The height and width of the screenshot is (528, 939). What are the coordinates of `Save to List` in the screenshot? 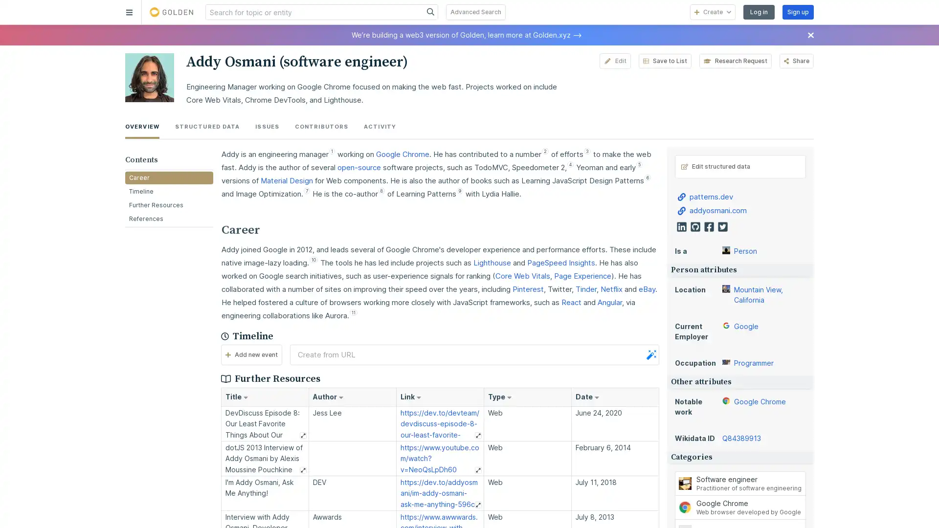 It's located at (664, 61).